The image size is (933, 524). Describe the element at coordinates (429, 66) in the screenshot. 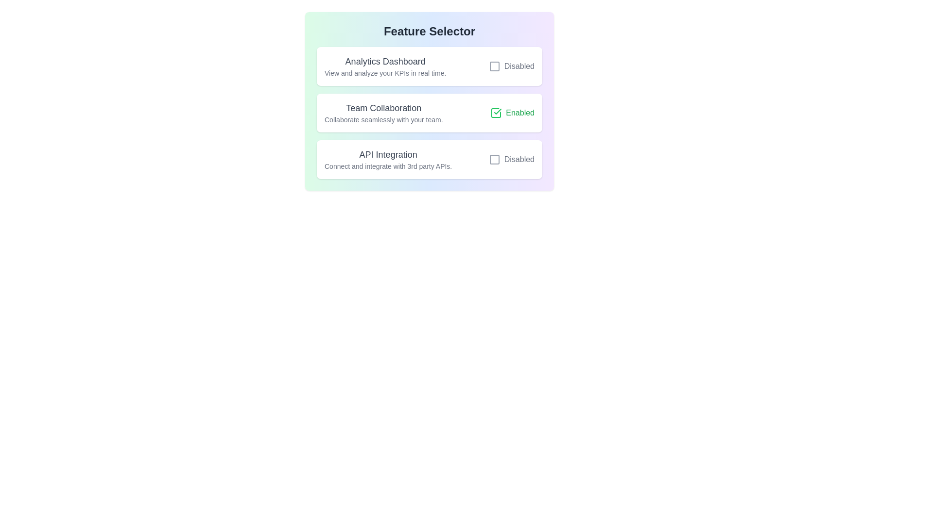

I see `the list item corresponding to Analytics Dashboard to observe its hover effect` at that location.